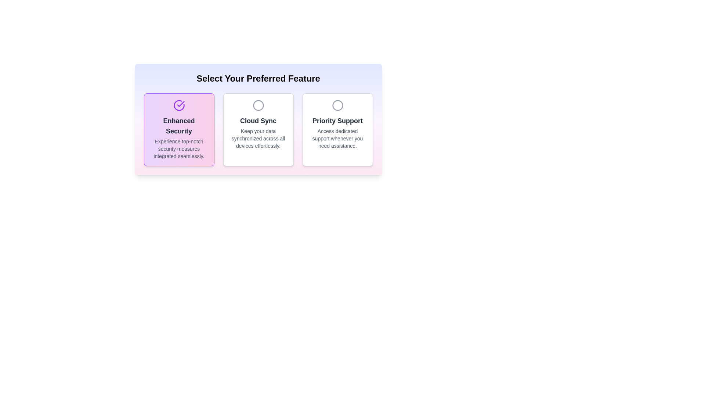  What do you see at coordinates (337, 105) in the screenshot?
I see `the circular icon with a gray outline and transparent center located at the top-center of the 'Priority Support' panel` at bounding box center [337, 105].